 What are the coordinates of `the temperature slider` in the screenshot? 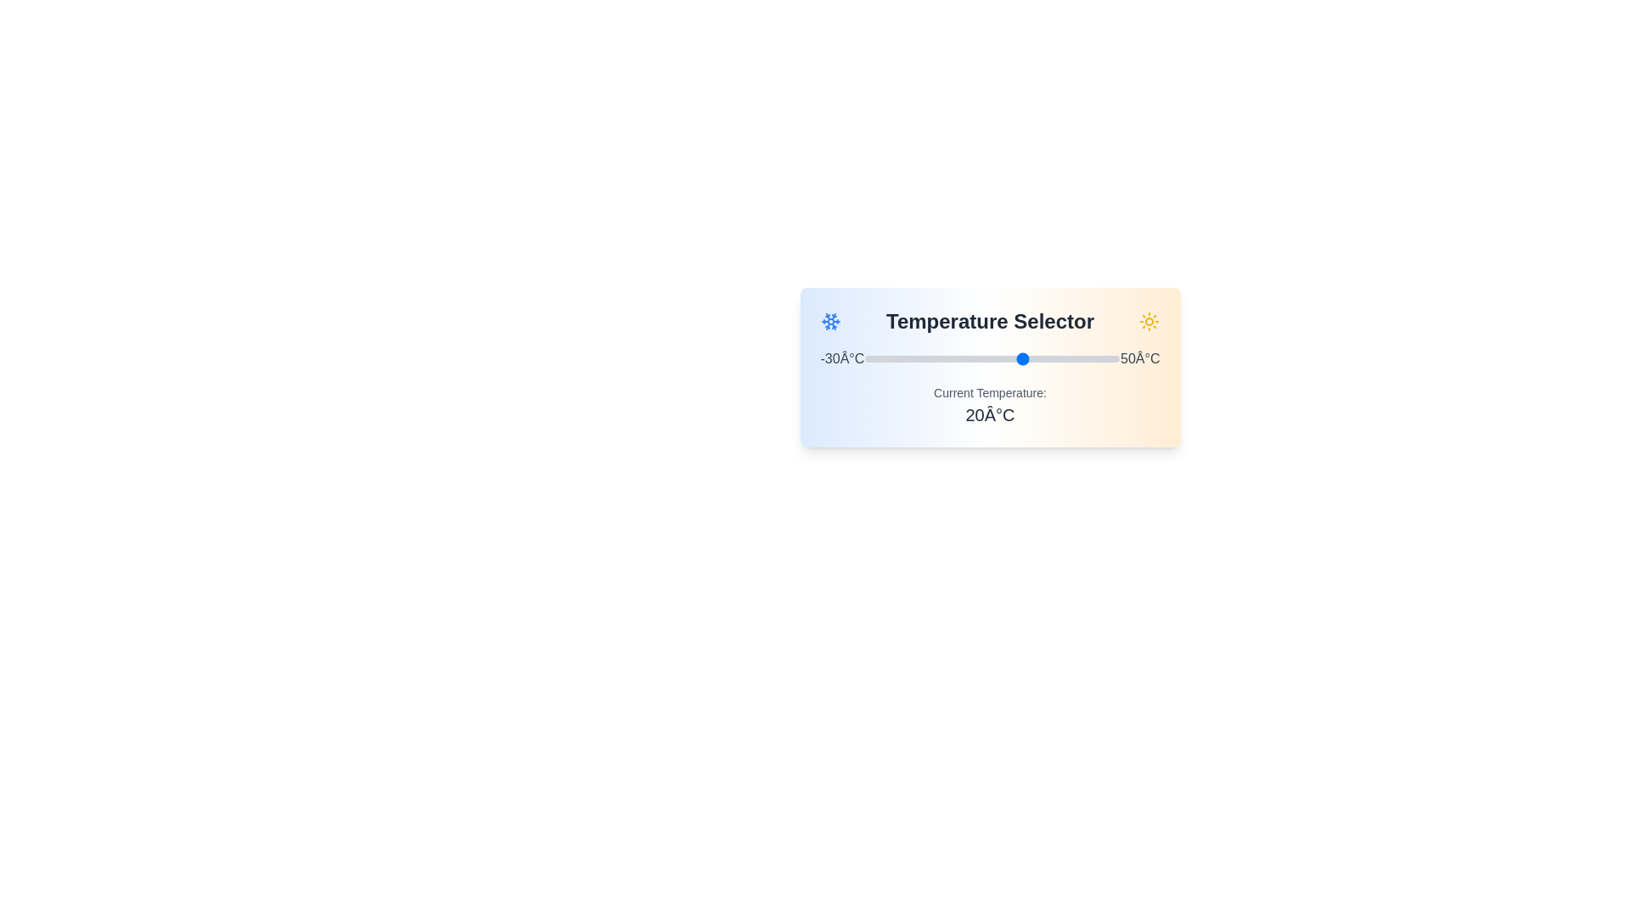 It's located at (1065, 358).